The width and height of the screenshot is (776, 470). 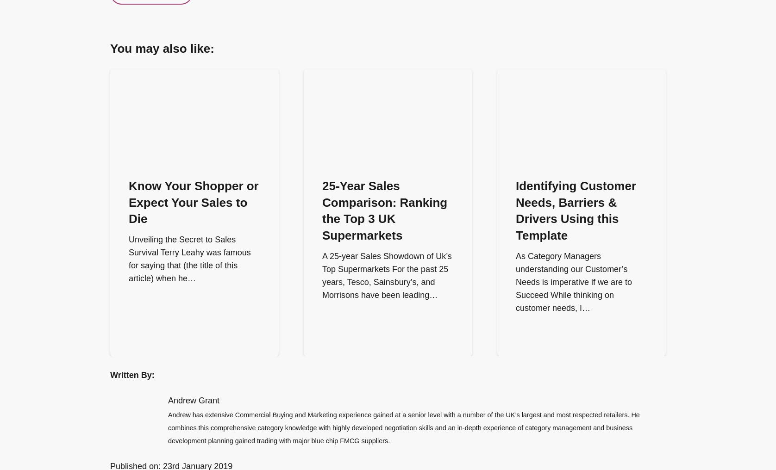 What do you see at coordinates (386, 275) in the screenshot?
I see `'A 25-year Sales Showdown of Uk’s Top Supermarkets For the past 25 years, Tesco, Sainsbury’s, and Morrisons have been leading…'` at bounding box center [386, 275].